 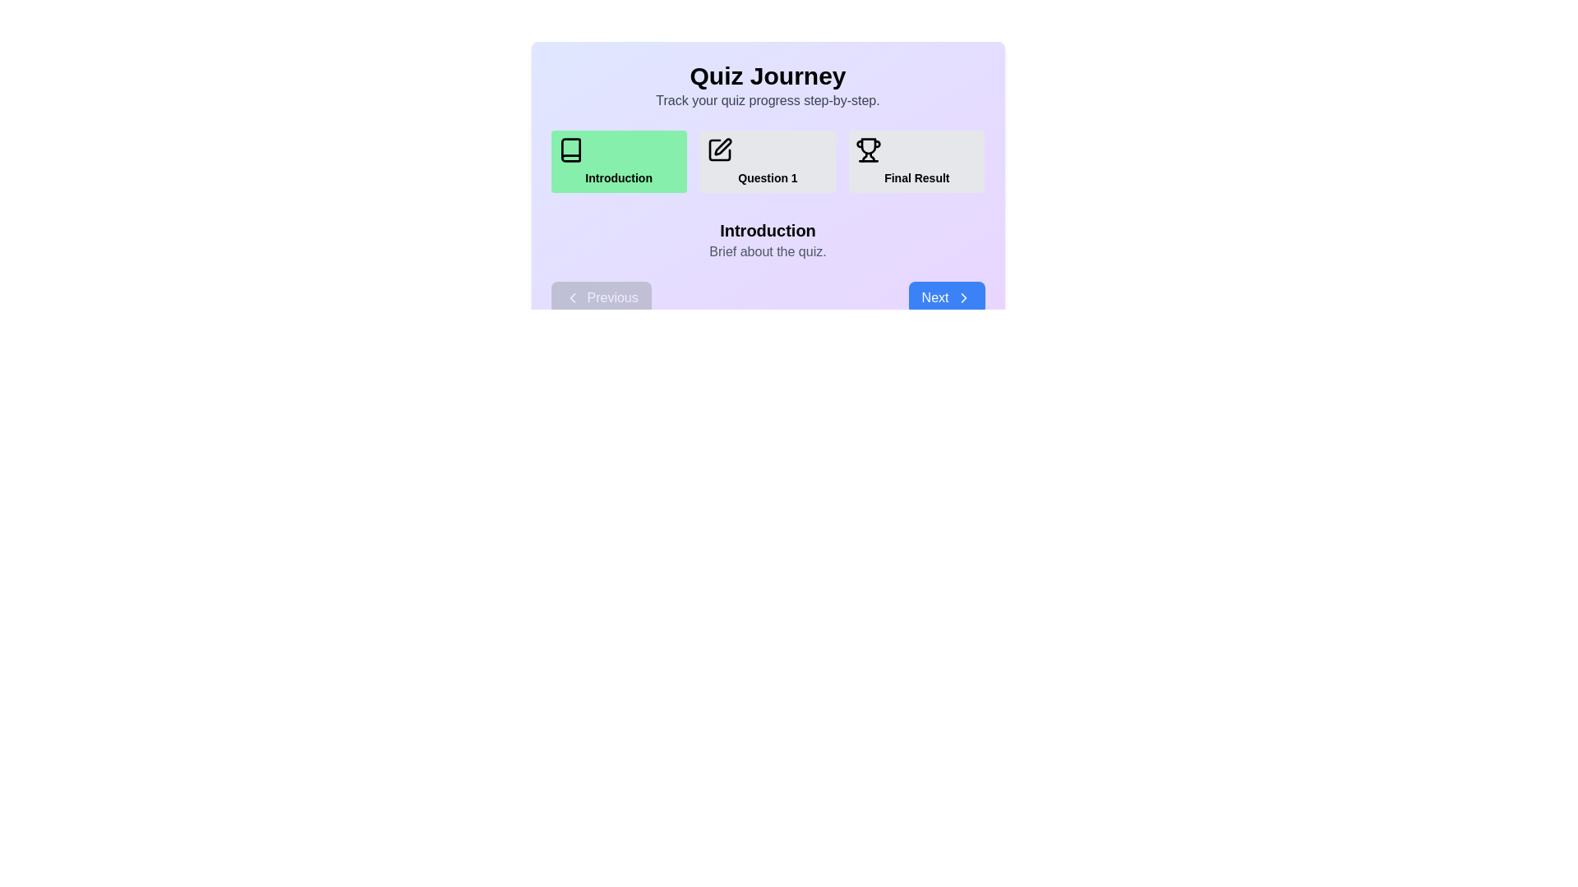 I want to click on the step icon labeled 'Question 1' to view its details, so click(x=767, y=161).